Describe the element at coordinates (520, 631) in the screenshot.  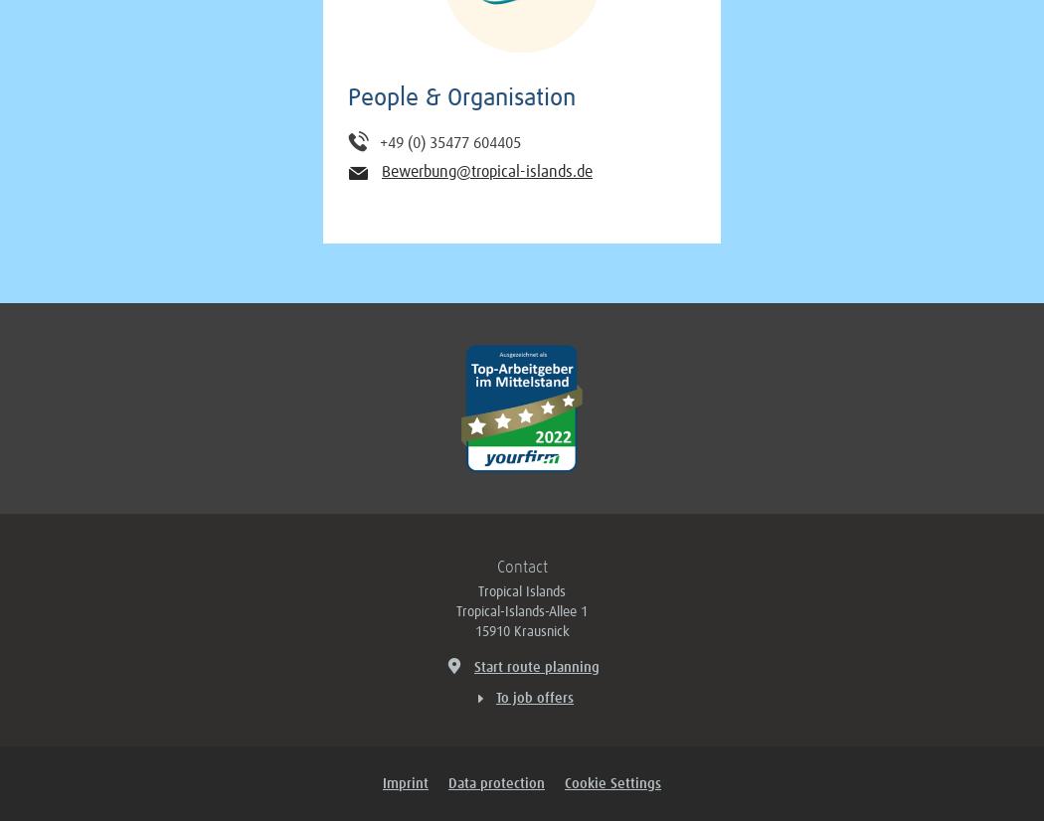
I see `'15910 Krausnick'` at that location.